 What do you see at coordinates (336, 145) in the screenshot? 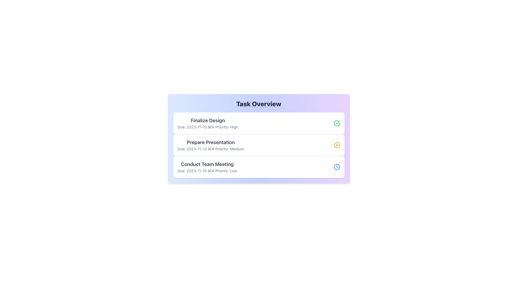
I see `the circular outline of the yellow icon indicating the actionable state for the task 'Prepare Presentation'` at bounding box center [336, 145].